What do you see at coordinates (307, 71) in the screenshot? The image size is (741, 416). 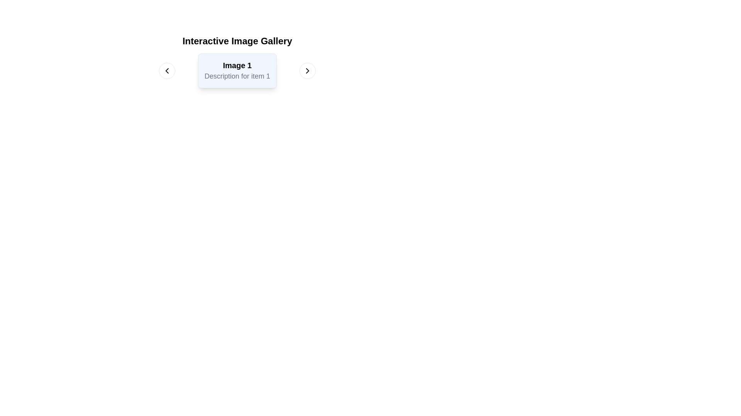 I see `the Chevron Arrow icon` at bounding box center [307, 71].